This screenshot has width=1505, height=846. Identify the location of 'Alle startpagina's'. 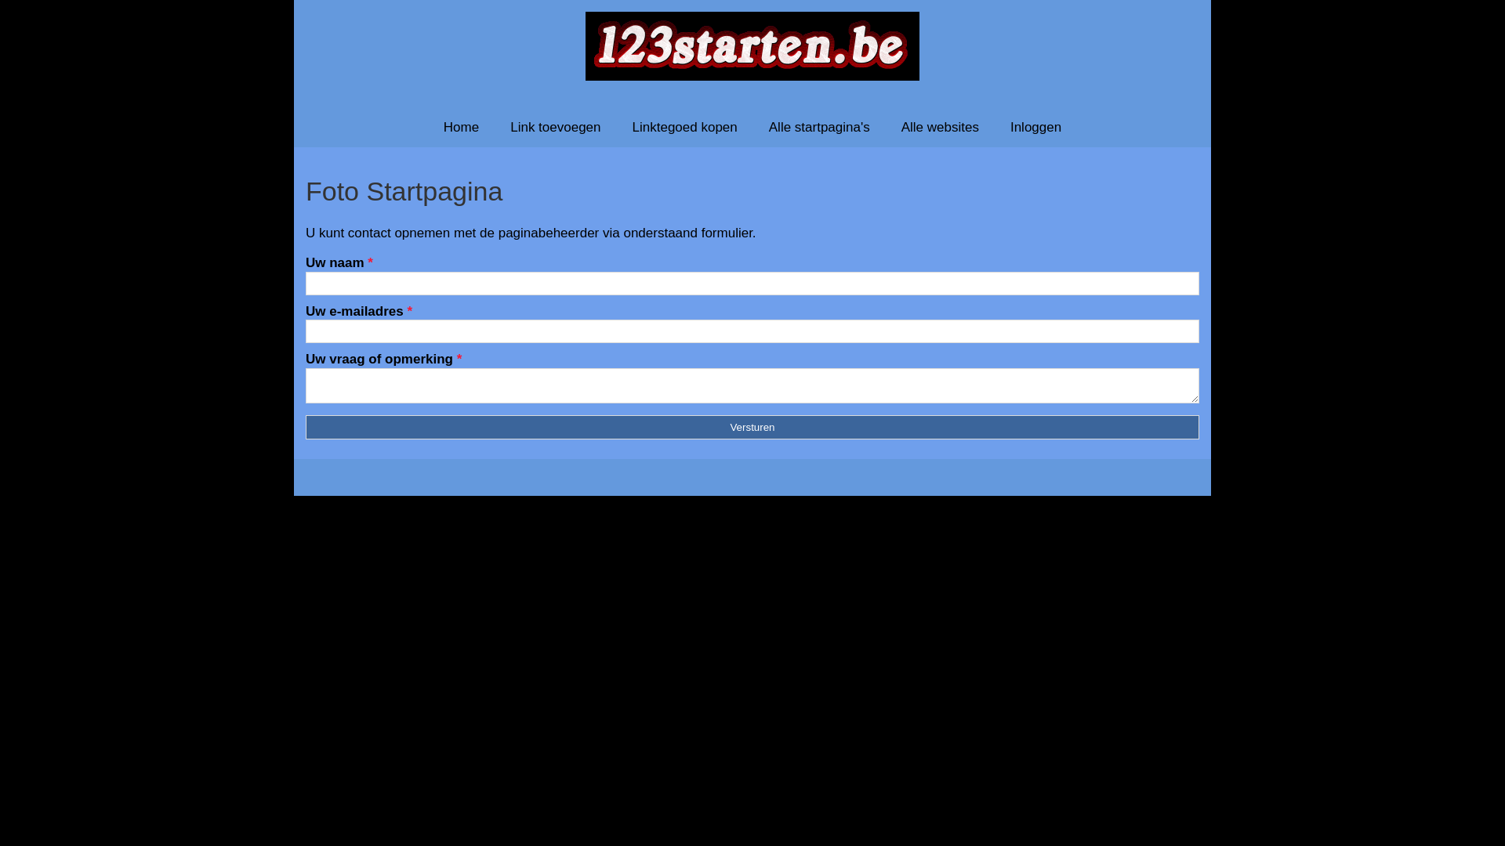
(752, 126).